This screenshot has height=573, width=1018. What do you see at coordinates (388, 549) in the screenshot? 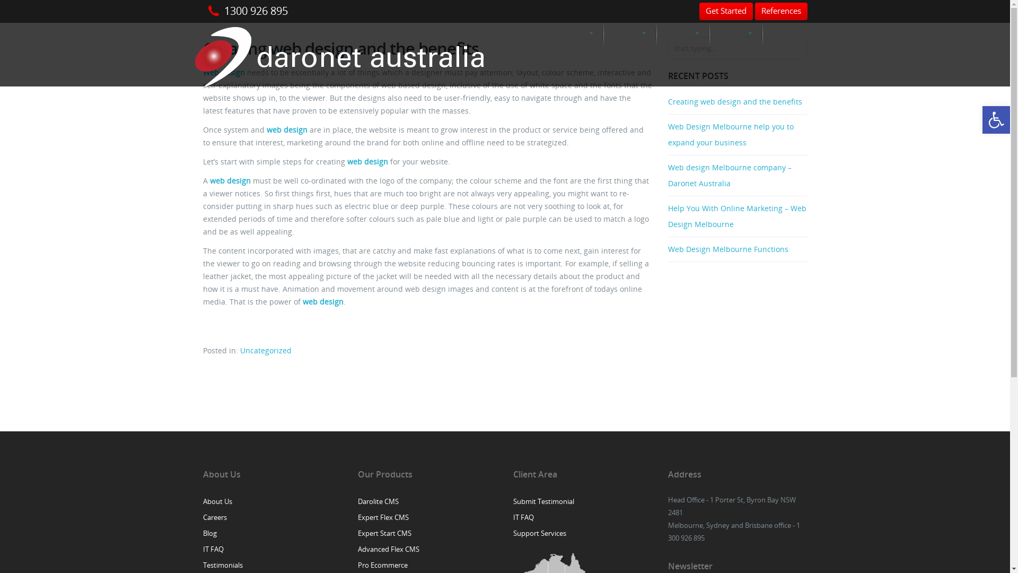
I see `'Advanced Flex CMS'` at bounding box center [388, 549].